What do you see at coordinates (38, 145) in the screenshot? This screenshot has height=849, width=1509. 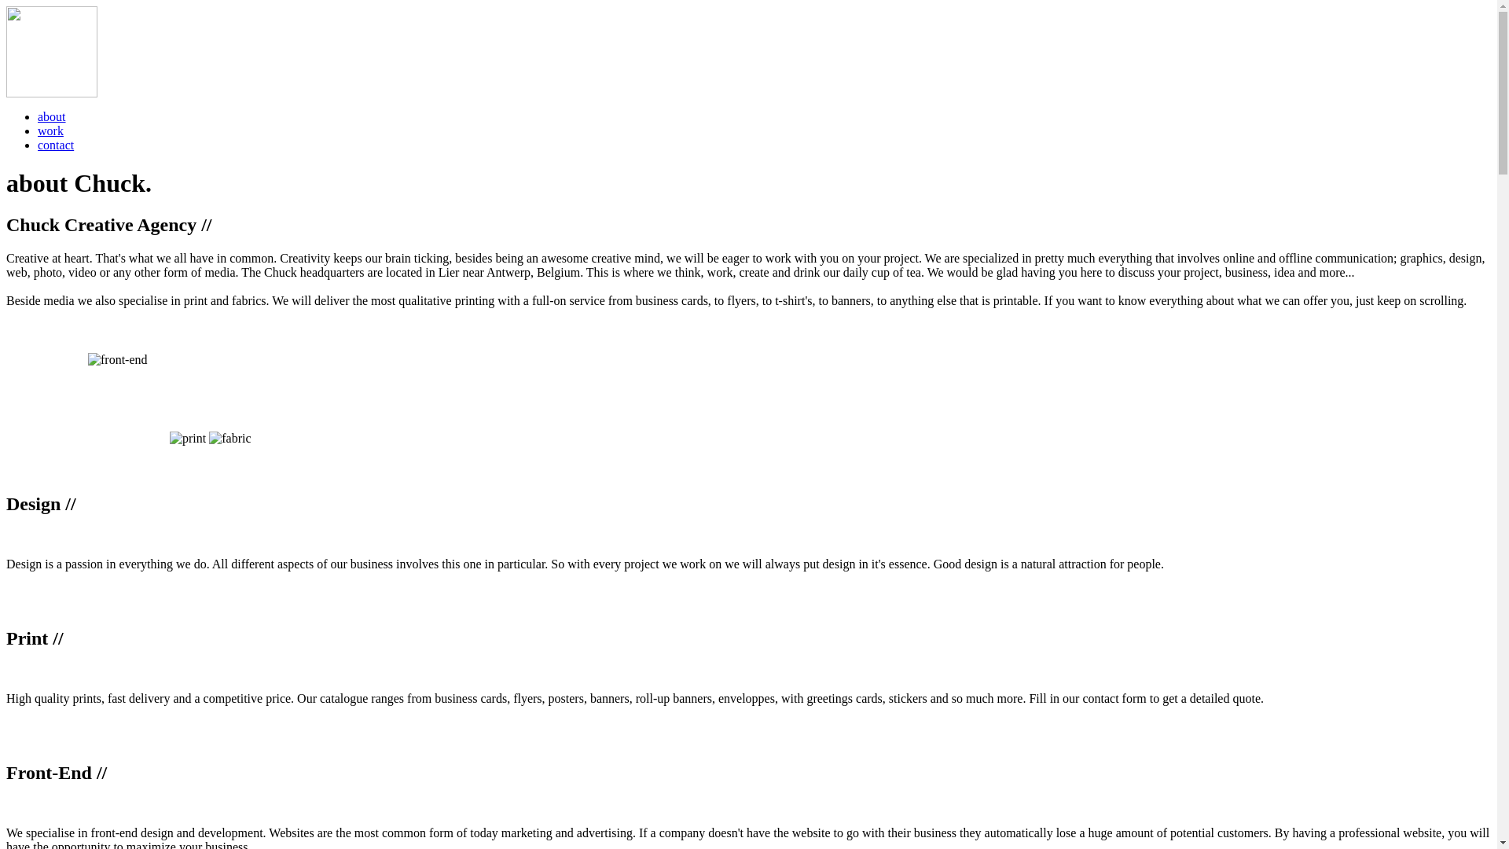 I see `'contact'` at bounding box center [38, 145].